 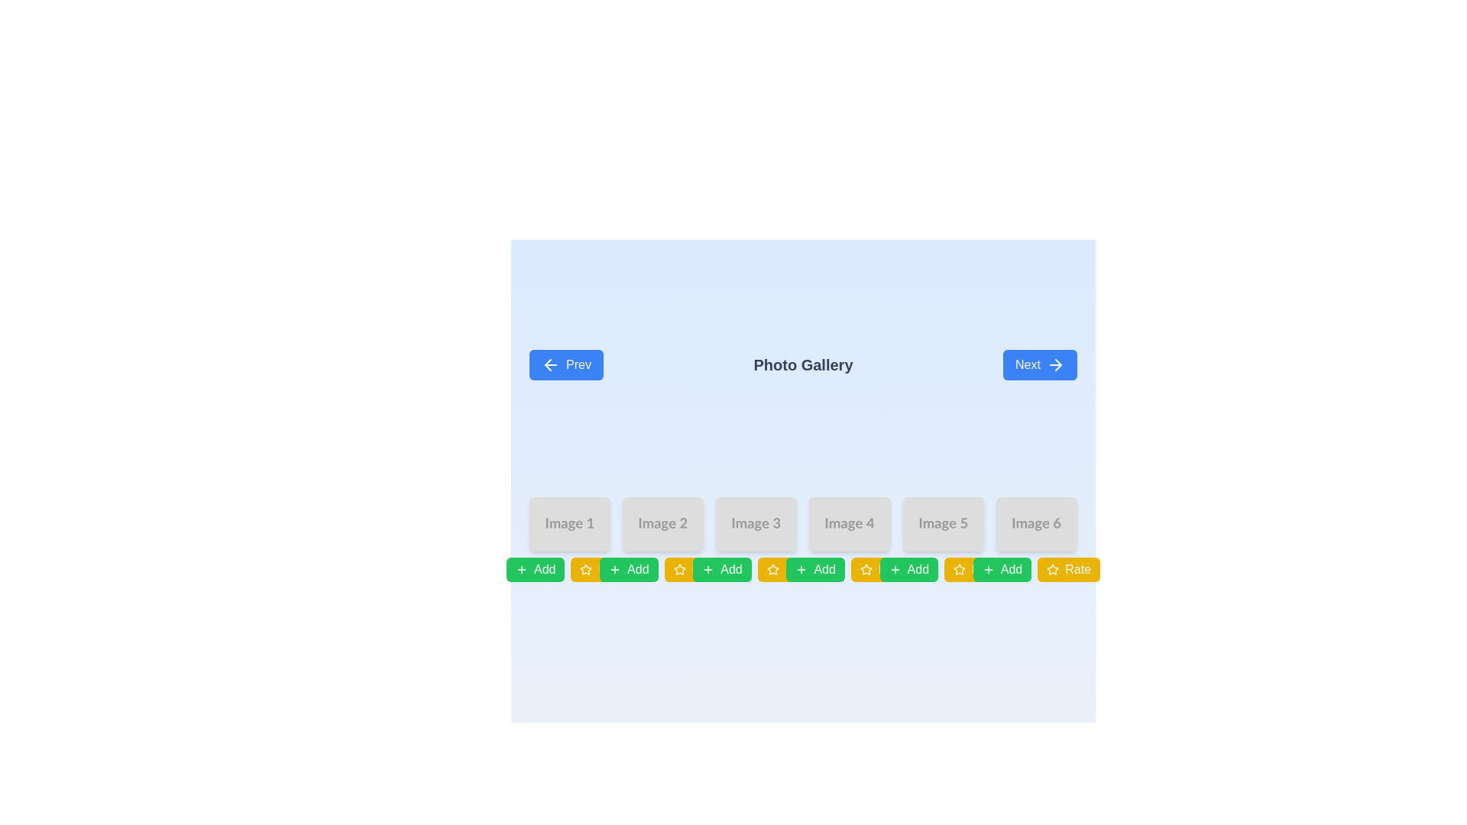 I want to click on the second button in the horizontal row under the image gallery, so click(x=695, y=569).